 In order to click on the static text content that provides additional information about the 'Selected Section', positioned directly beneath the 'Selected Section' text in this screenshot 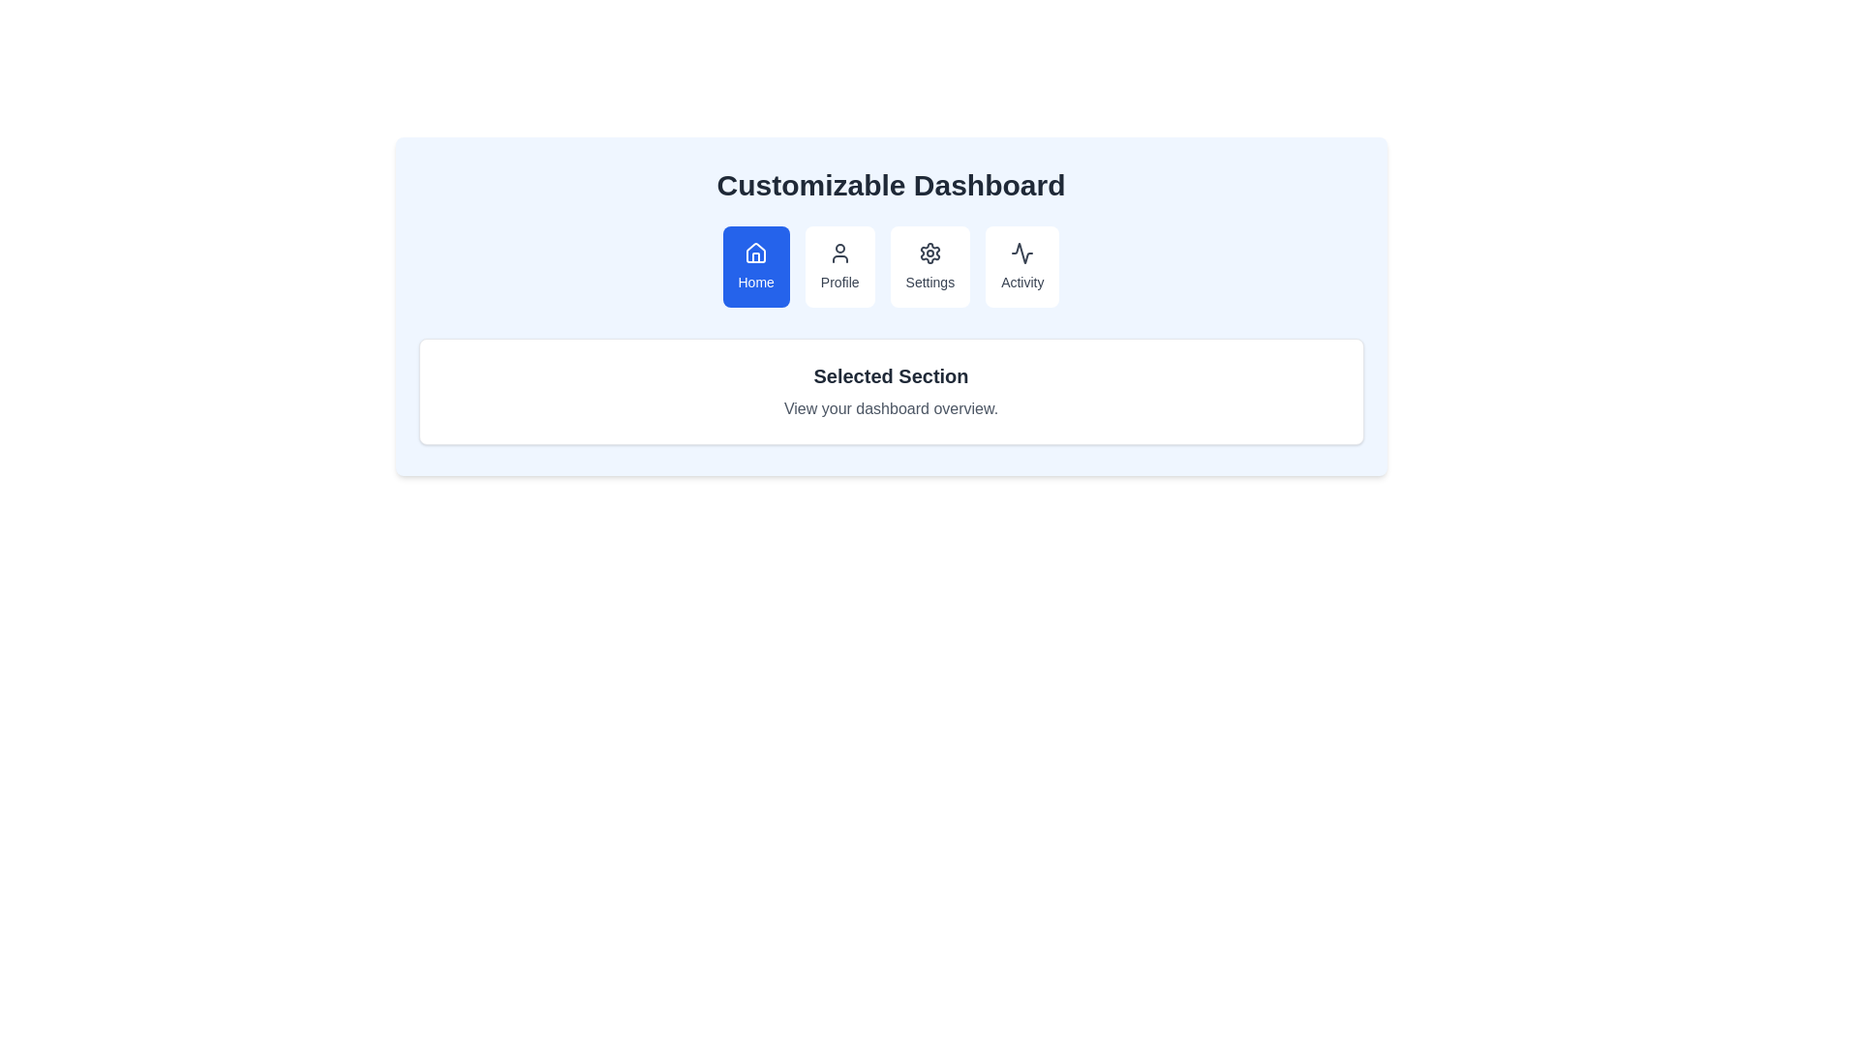, I will do `click(890, 408)`.